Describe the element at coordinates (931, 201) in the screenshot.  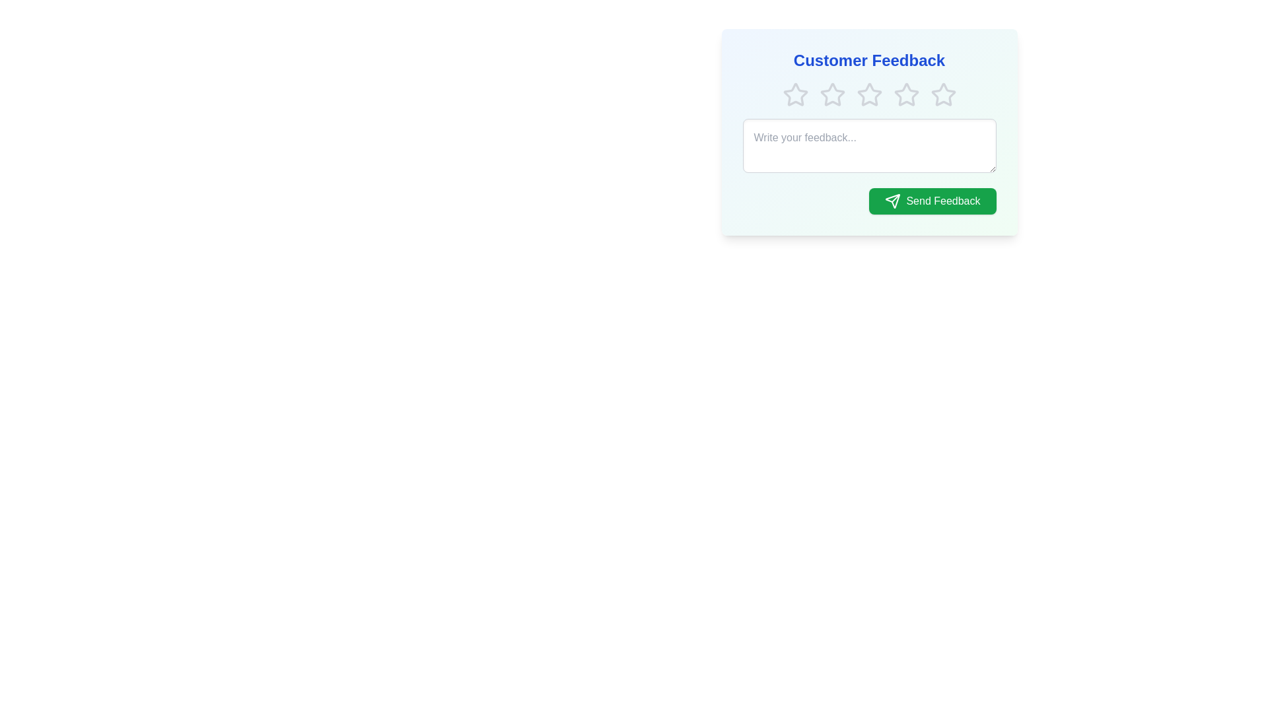
I see `the 'Send Feedback' button to submit the feedback` at that location.